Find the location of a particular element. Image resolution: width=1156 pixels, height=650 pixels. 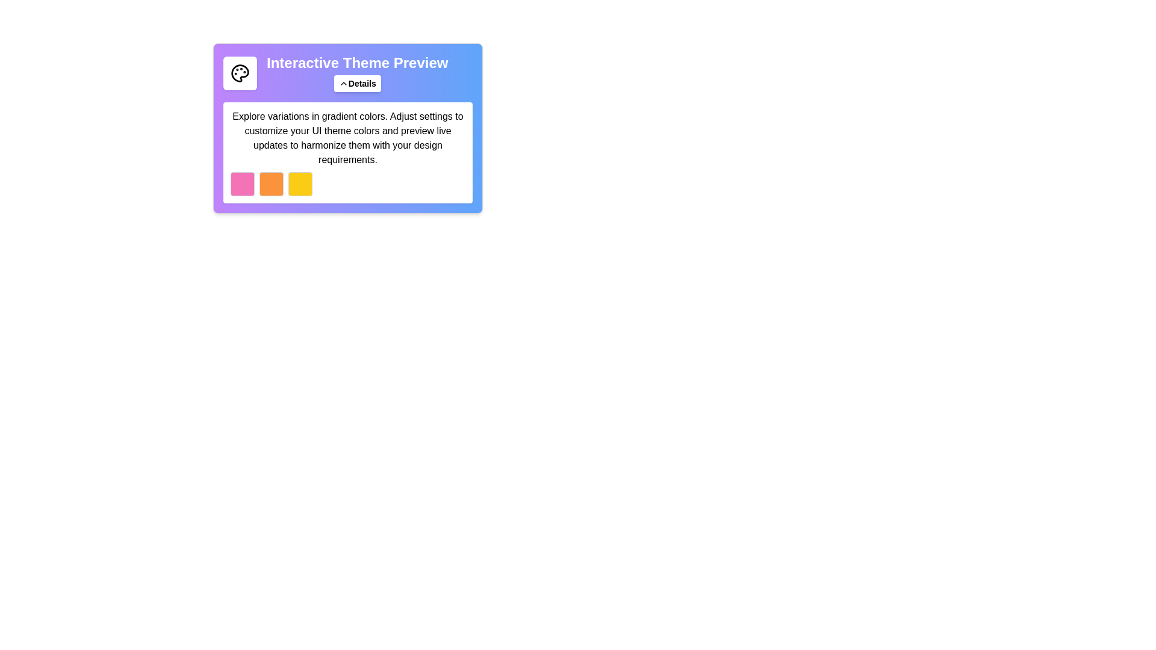

the button located below the title 'Interactive Theme Preview' is located at coordinates (356, 82).